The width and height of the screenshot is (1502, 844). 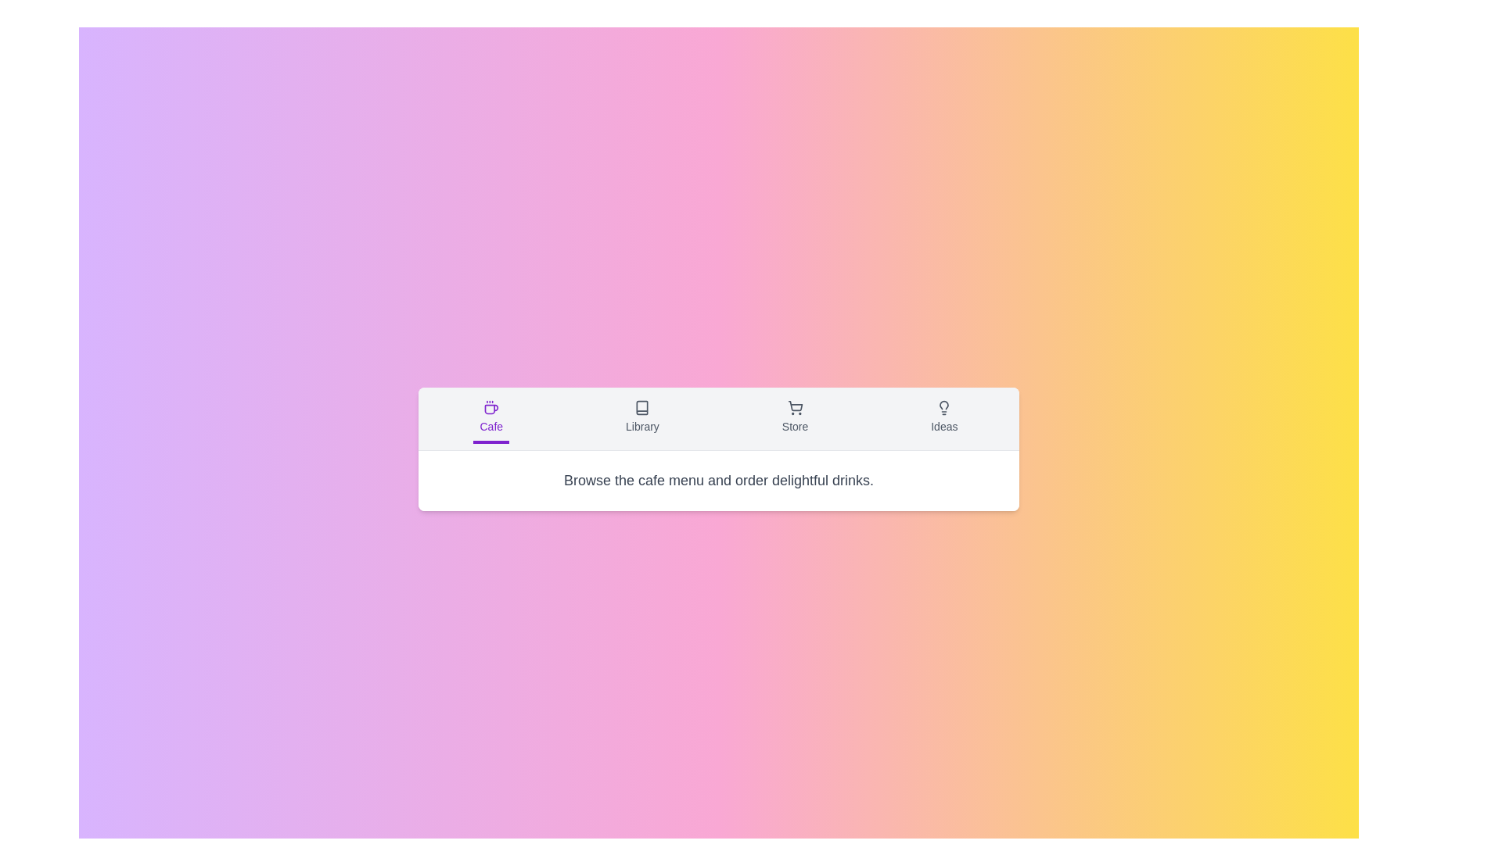 What do you see at coordinates (490, 406) in the screenshot?
I see `the coffee cup icon with purple outlines located above the text 'Cafe' in the navigation segment at the bottom of the viewport` at bounding box center [490, 406].